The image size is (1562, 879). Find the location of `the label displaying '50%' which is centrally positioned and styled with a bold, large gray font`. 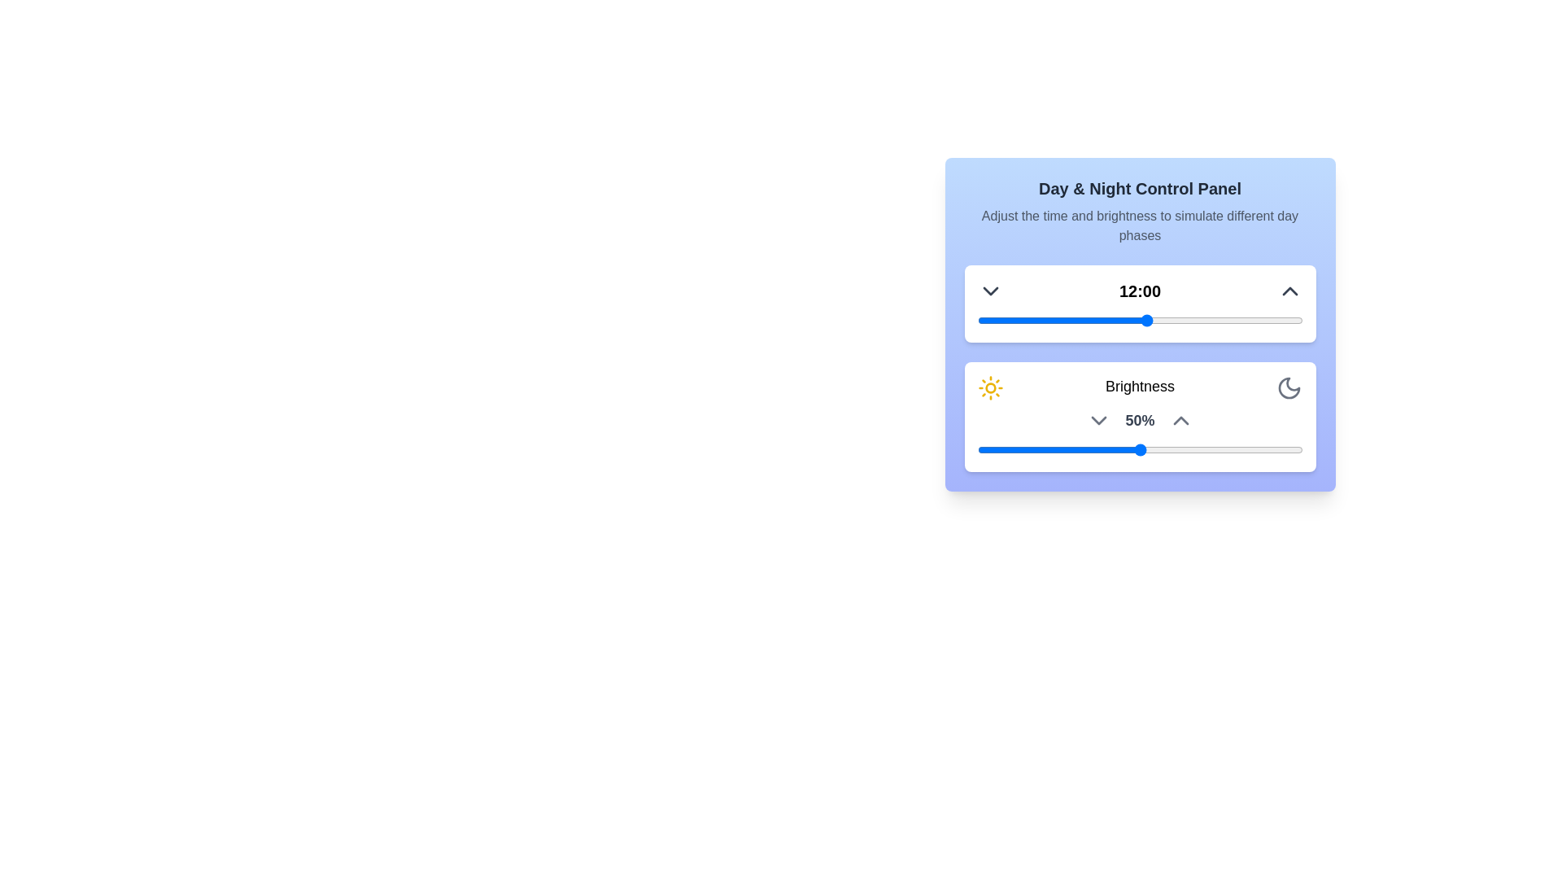

the label displaying '50%' which is centrally positioned and styled with a bold, large gray font is located at coordinates (1139, 419).